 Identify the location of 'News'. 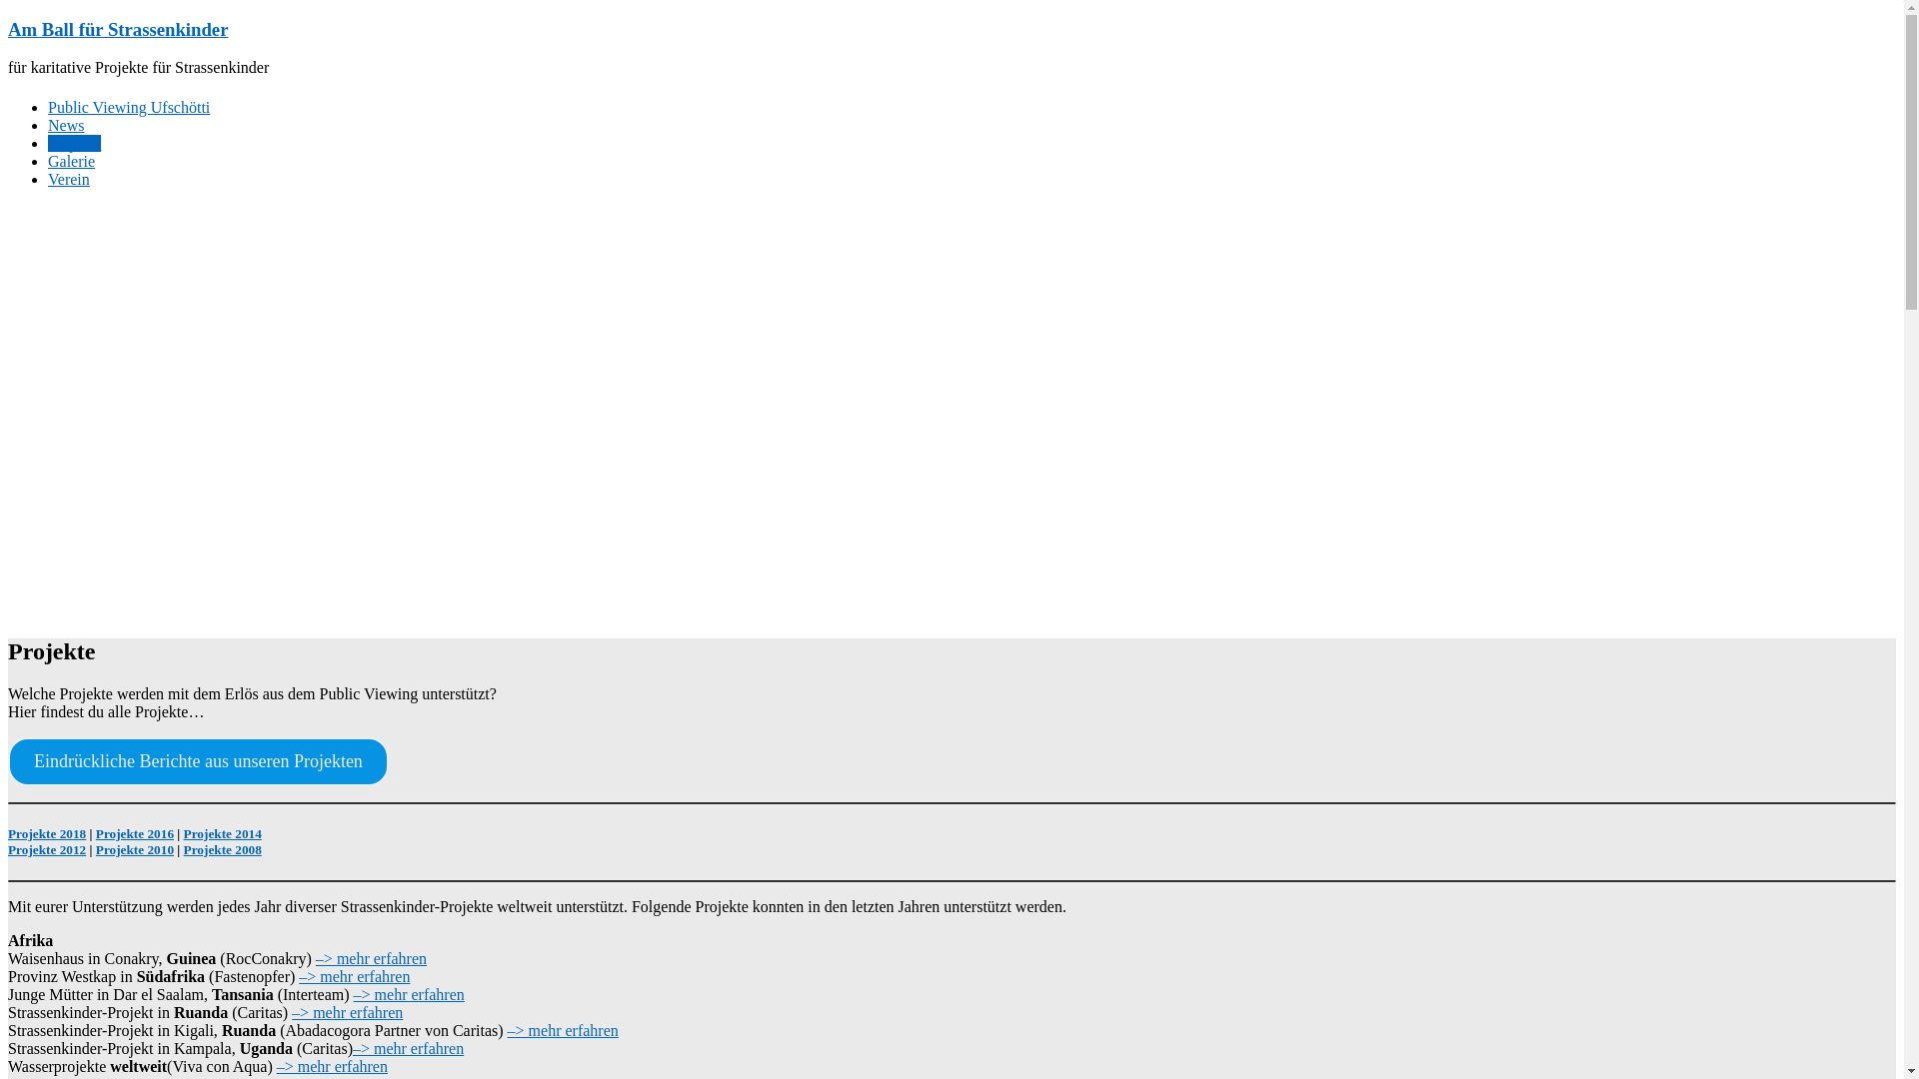
(66, 125).